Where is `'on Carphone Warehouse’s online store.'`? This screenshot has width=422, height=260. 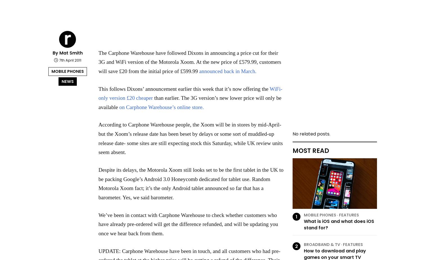
'on Carphone Warehouse’s online store.' is located at coordinates (161, 107).